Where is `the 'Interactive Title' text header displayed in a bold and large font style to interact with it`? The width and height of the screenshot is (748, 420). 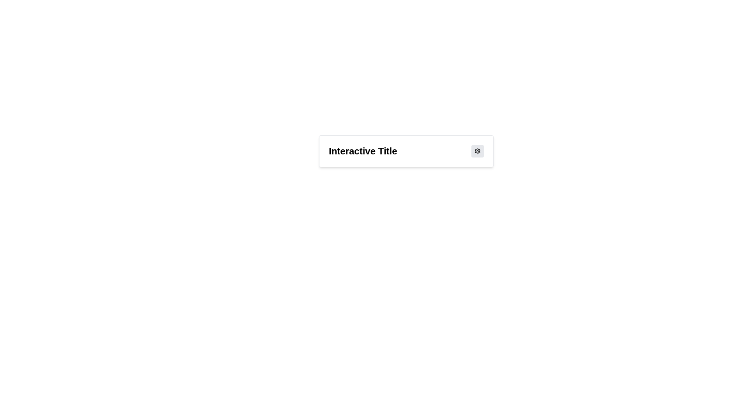 the 'Interactive Title' text header displayed in a bold and large font style to interact with it is located at coordinates (362, 151).